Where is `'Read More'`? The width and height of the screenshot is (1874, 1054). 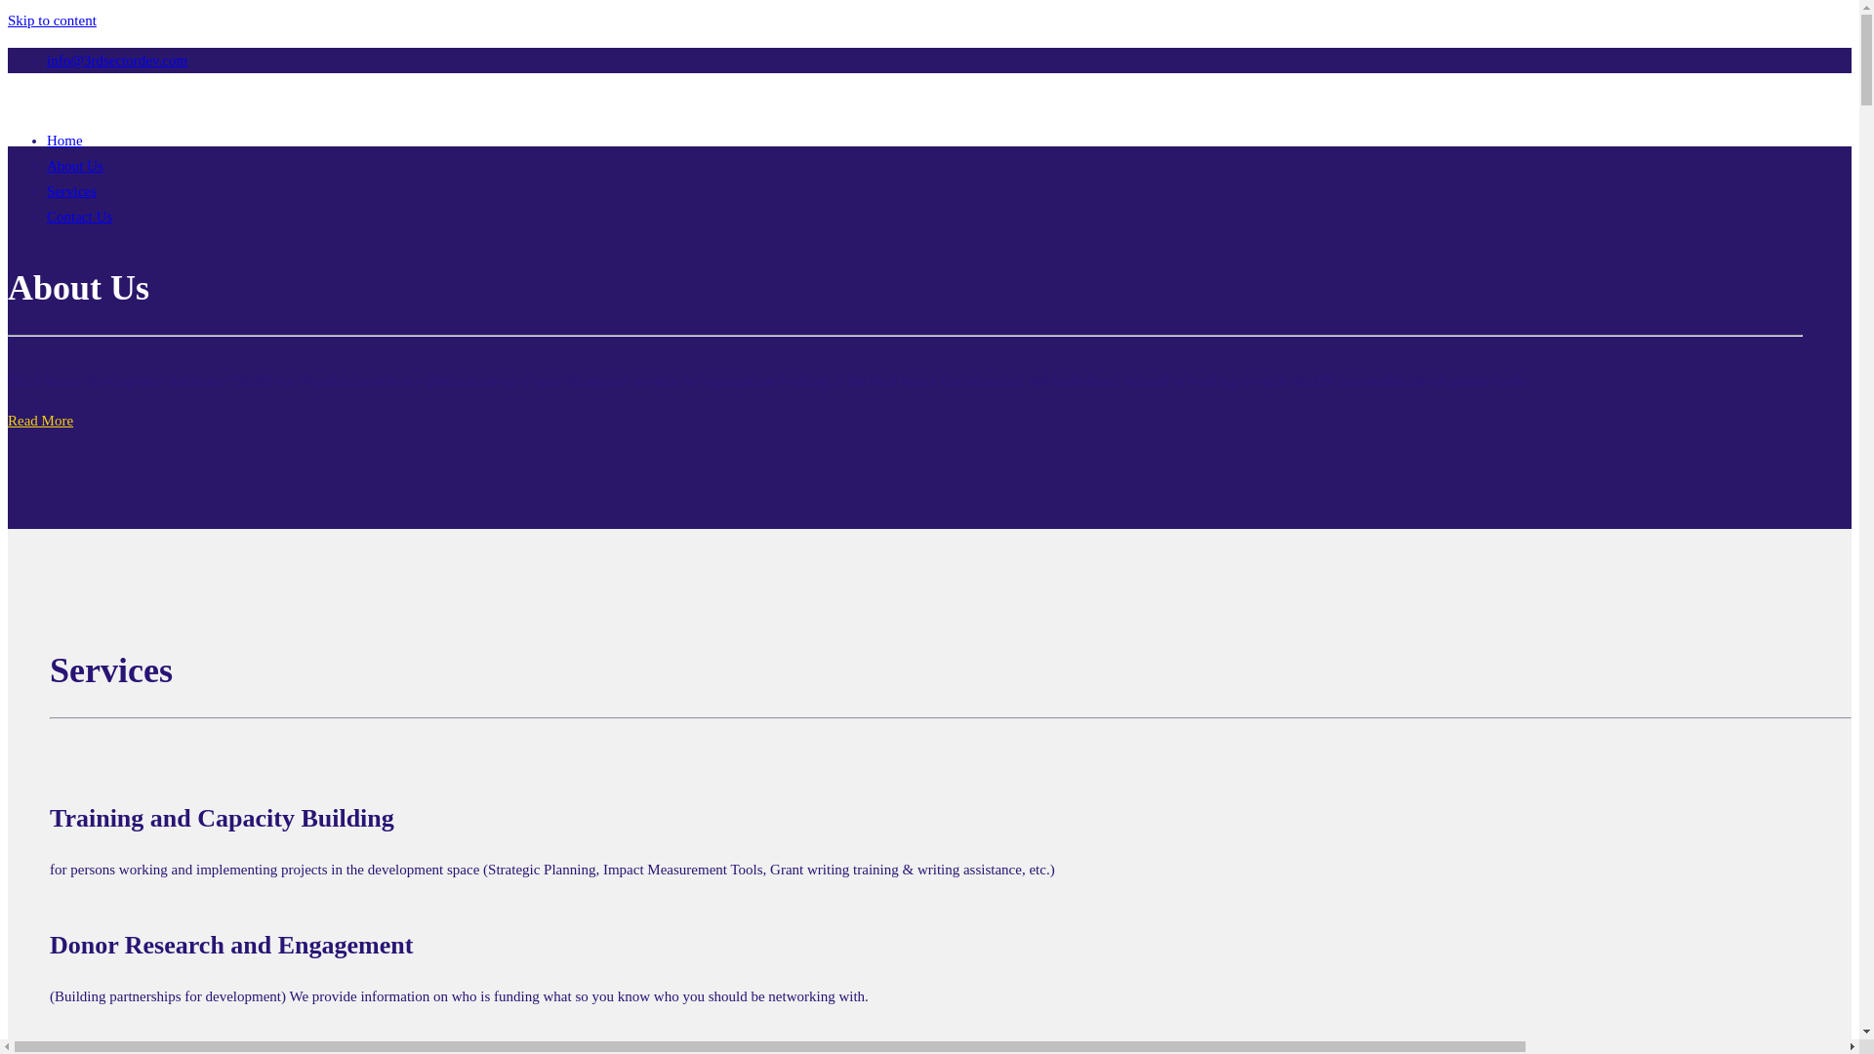 'Read More' is located at coordinates (40, 420).